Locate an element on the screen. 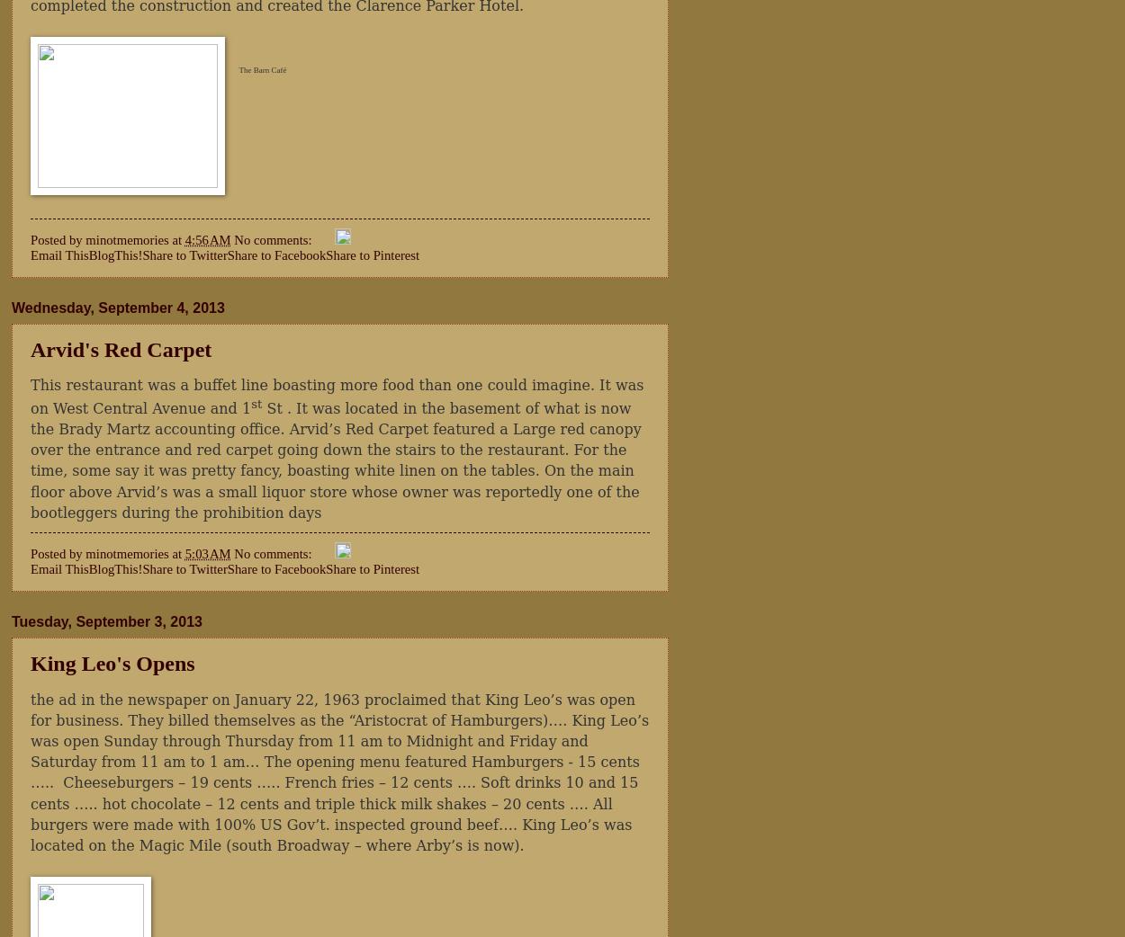  'The Barn Café' is located at coordinates (262, 69).